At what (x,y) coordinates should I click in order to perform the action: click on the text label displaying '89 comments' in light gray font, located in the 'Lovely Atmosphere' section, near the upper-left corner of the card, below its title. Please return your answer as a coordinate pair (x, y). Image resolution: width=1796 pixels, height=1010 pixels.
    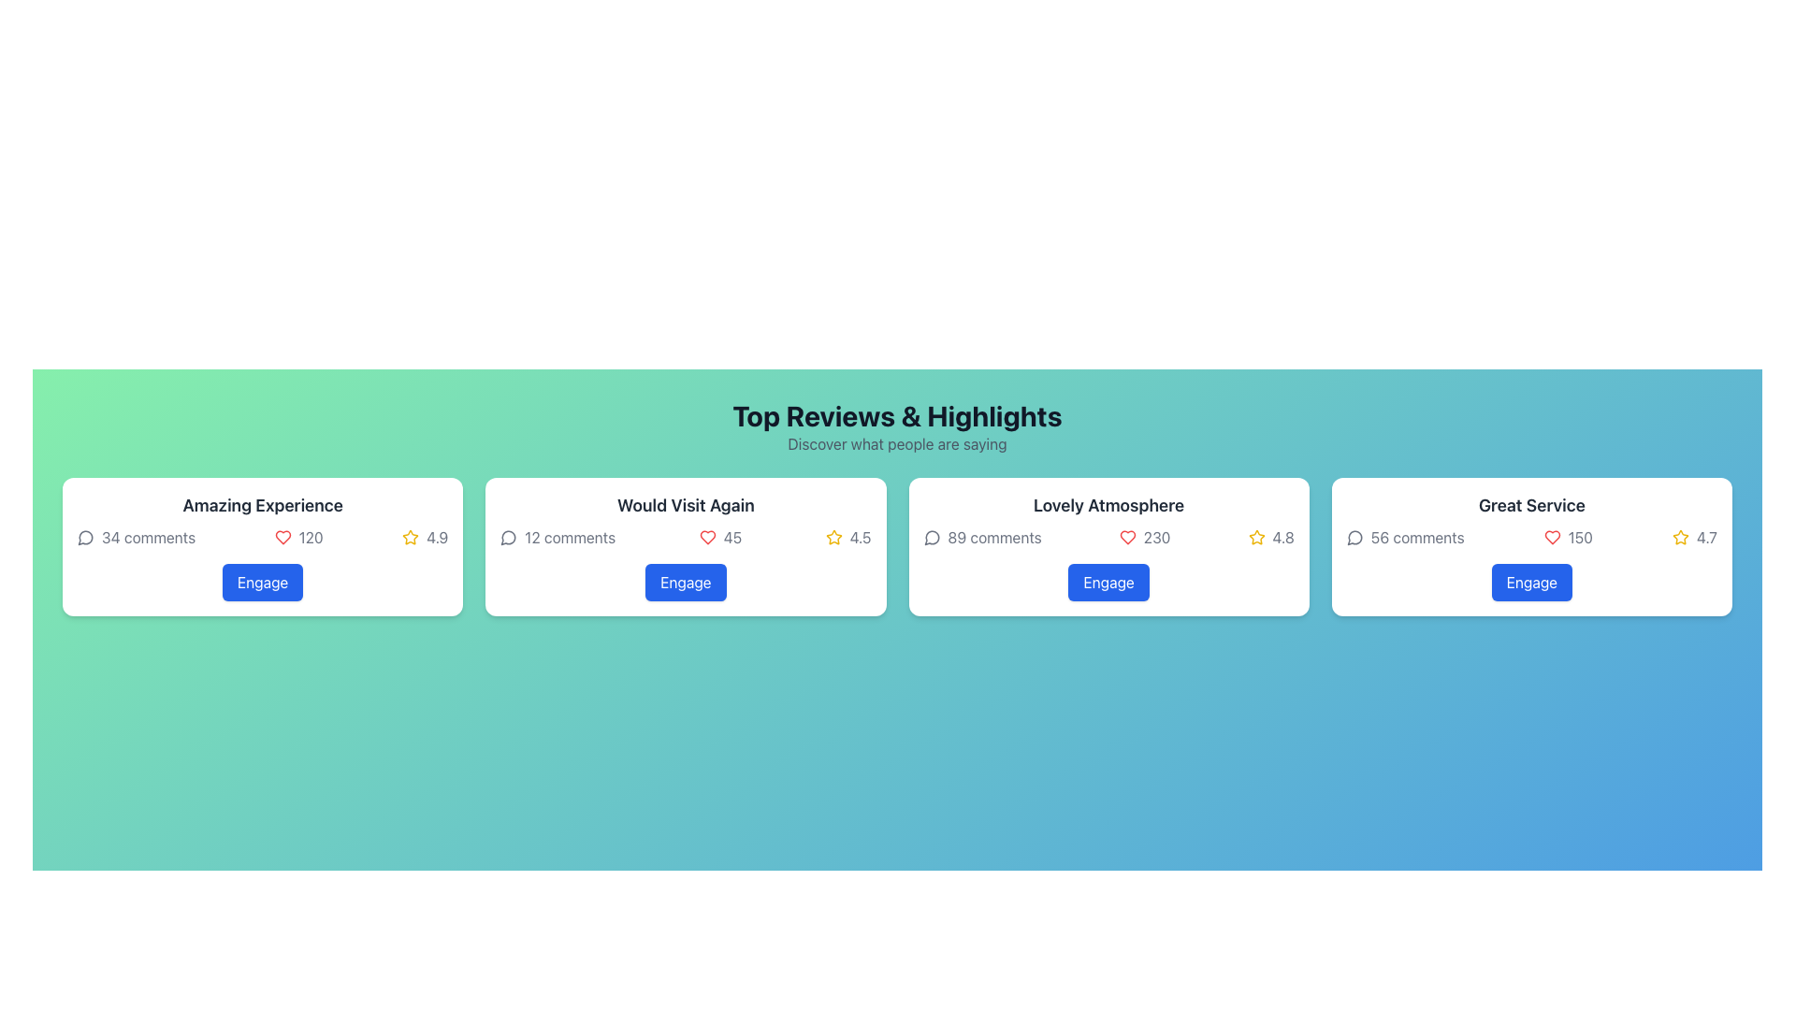
    Looking at the image, I should click on (993, 537).